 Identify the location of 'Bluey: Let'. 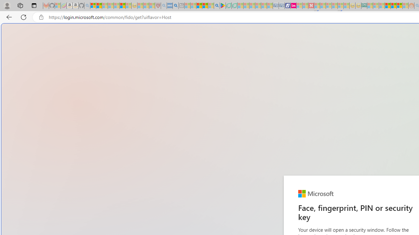
(223, 6).